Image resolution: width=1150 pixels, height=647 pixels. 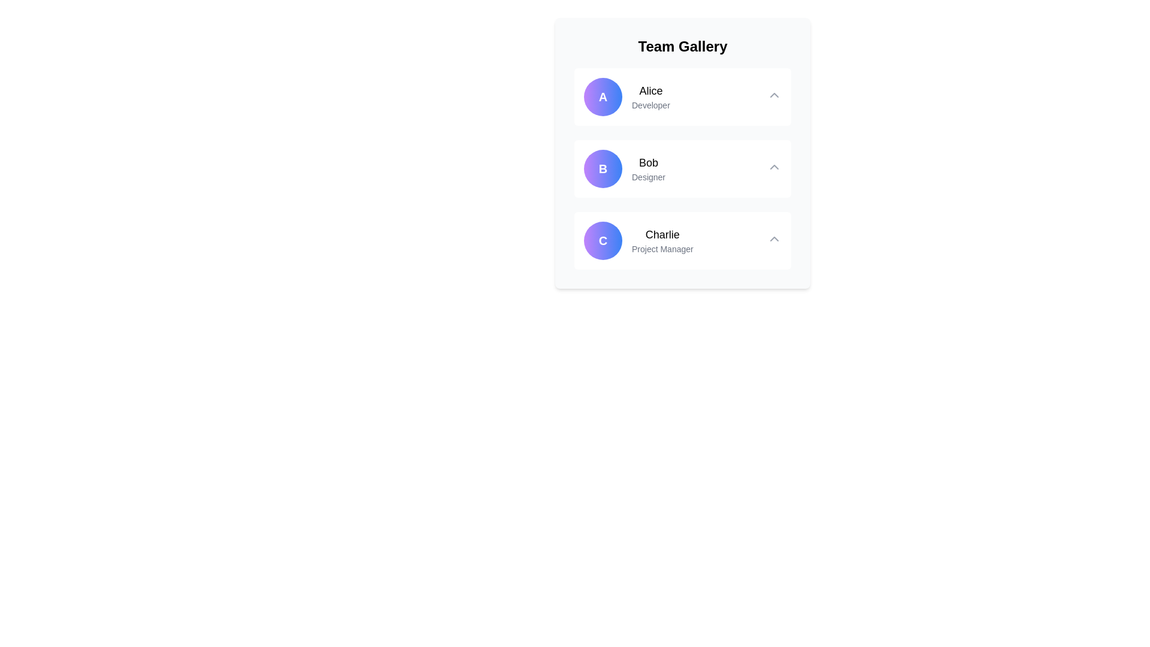 What do you see at coordinates (774, 96) in the screenshot?
I see `the toggle icon in the top-right section of Alice's user card` at bounding box center [774, 96].